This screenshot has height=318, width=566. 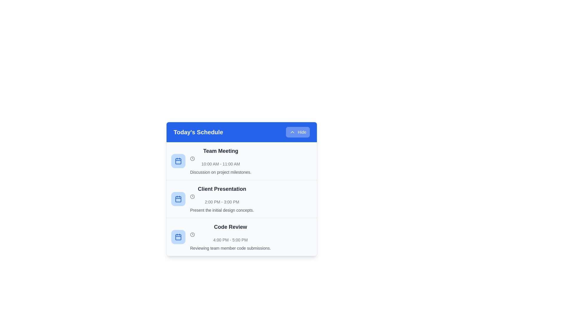 What do you see at coordinates (220, 161) in the screenshot?
I see `the text information element indicating the scheduled time duration for the 'Team Meeting' event, which includes a graphical clock icon to its left` at bounding box center [220, 161].